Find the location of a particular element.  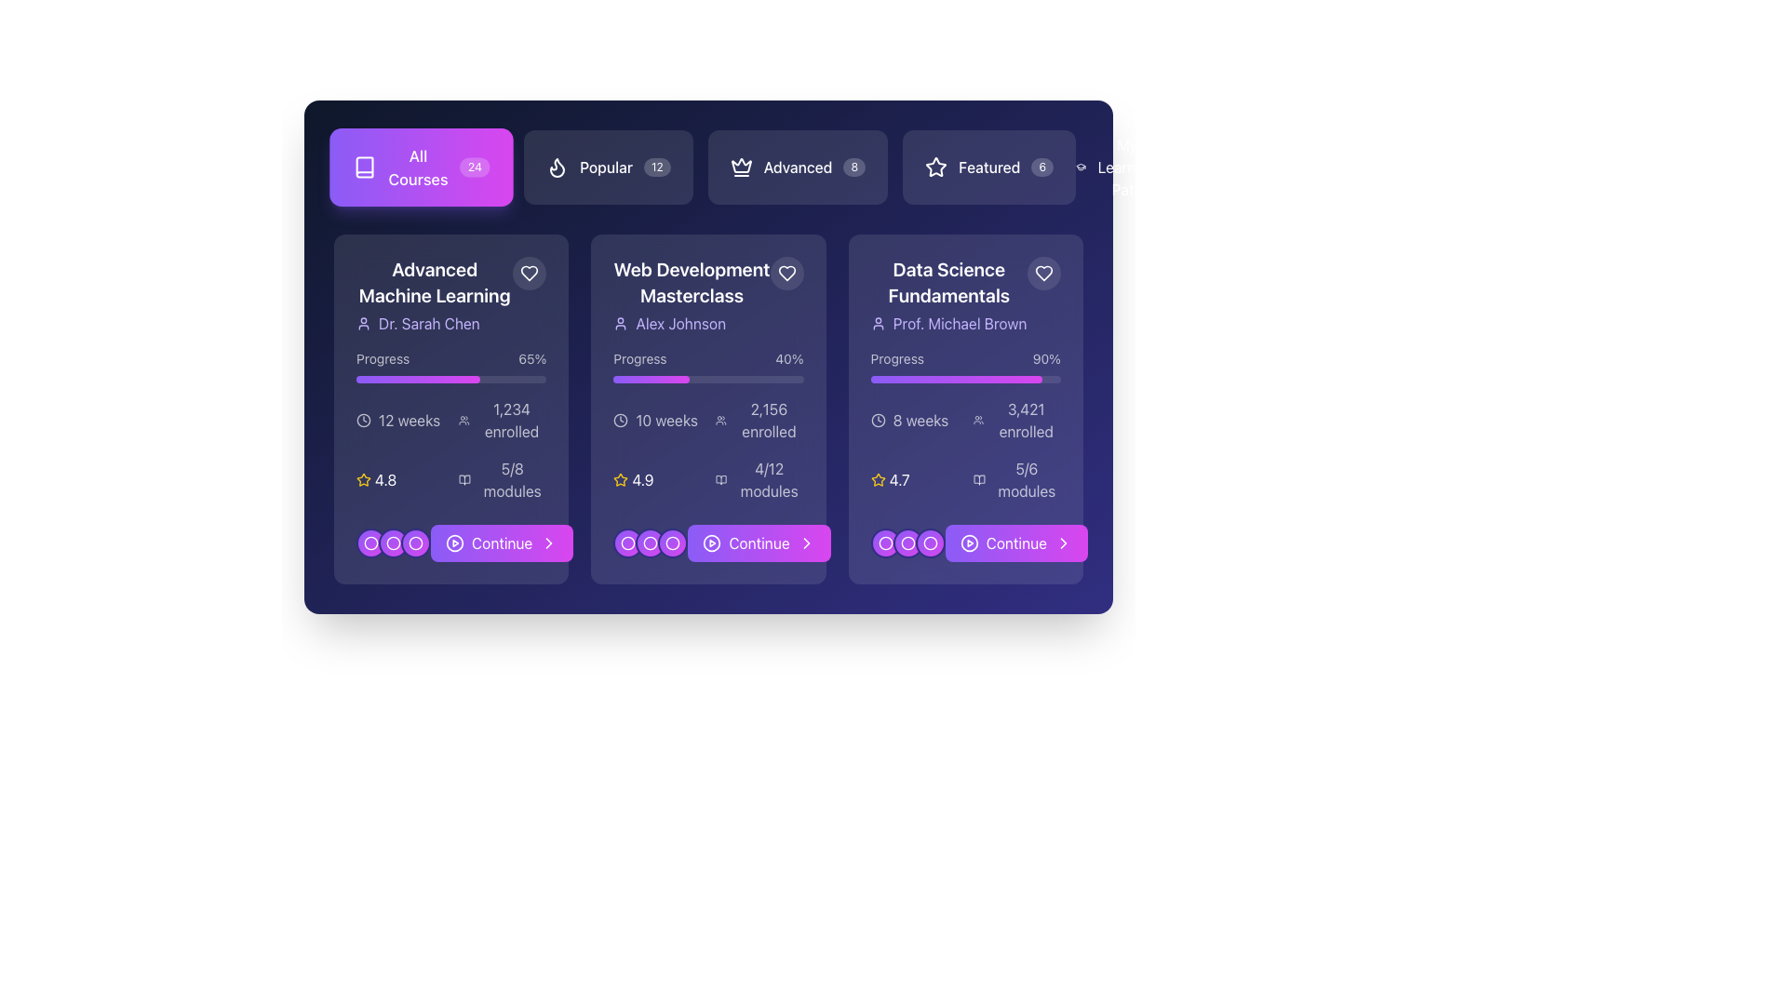

progress completion is located at coordinates (532, 379).